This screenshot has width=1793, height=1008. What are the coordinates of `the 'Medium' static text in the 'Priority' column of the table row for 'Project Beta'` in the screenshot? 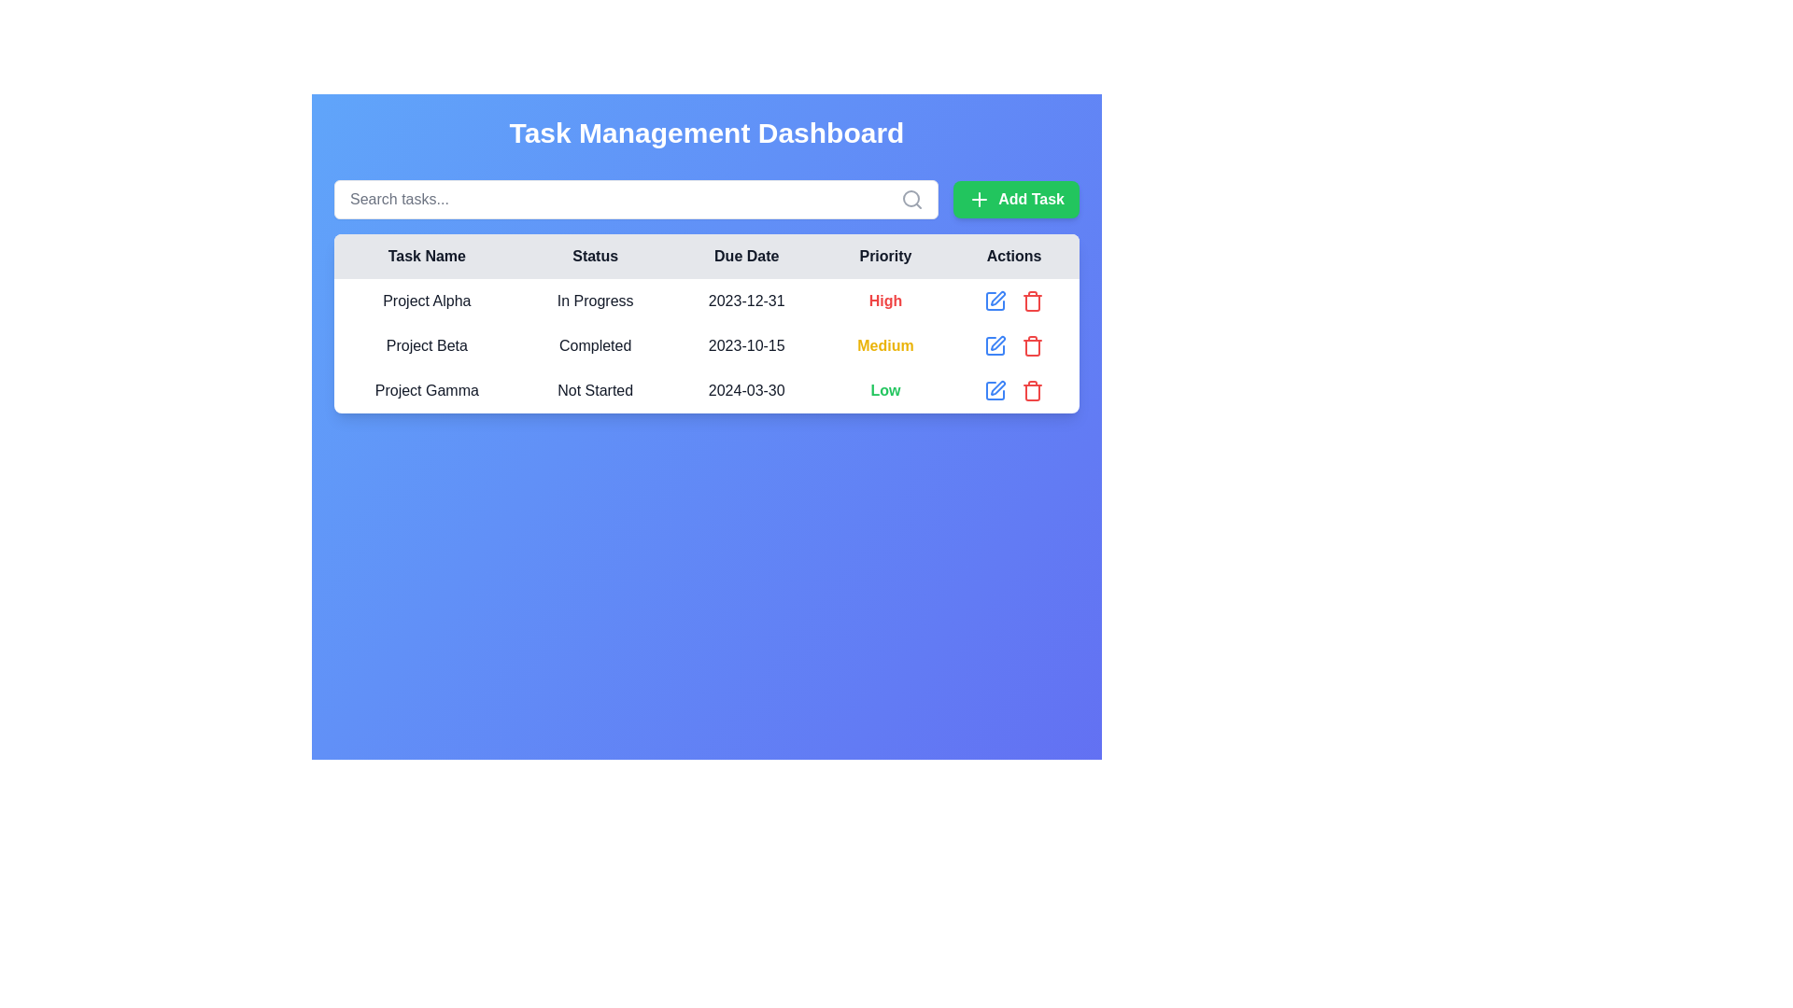 It's located at (884, 345).